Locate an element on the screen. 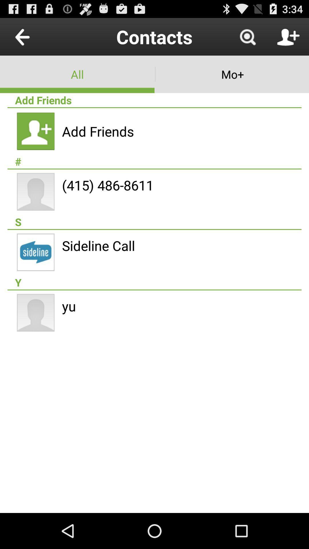 Image resolution: width=309 pixels, height=549 pixels. item above s item is located at coordinates (108, 185).